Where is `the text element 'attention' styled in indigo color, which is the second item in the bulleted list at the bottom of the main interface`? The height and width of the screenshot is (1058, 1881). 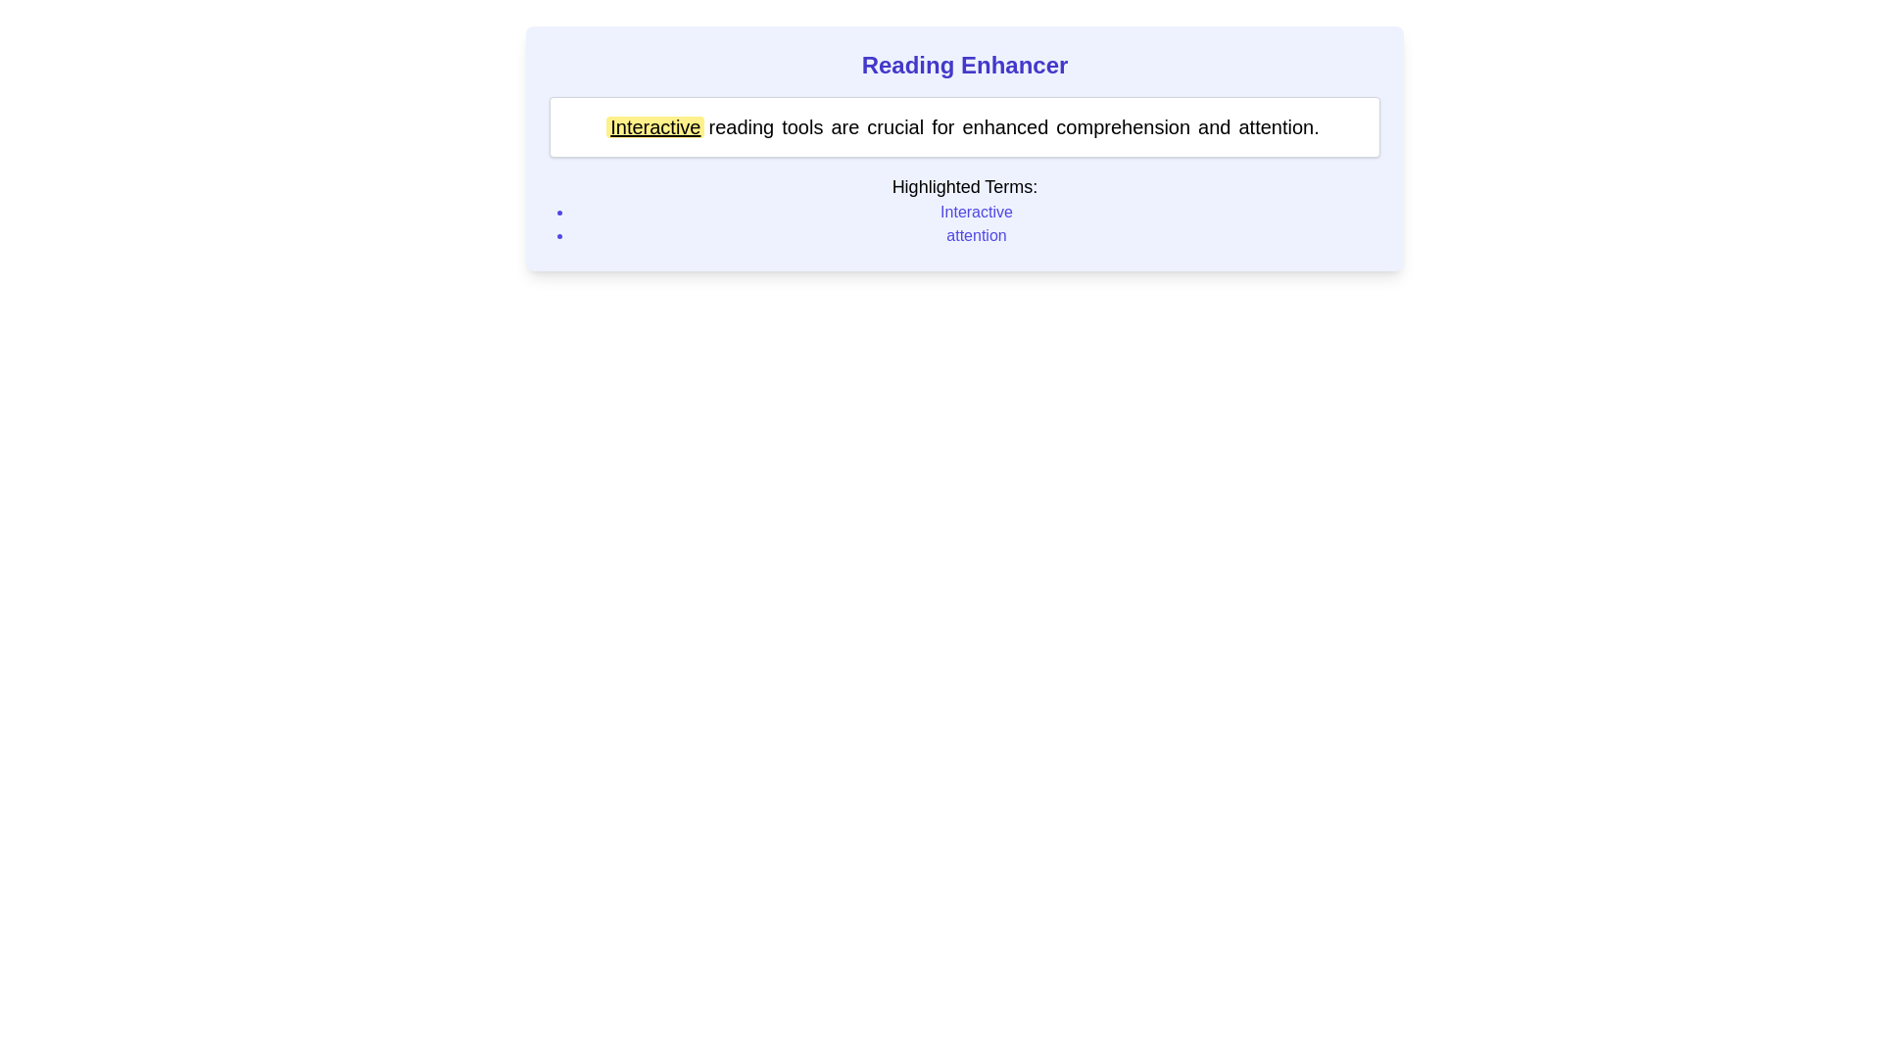 the text element 'attention' styled in indigo color, which is the second item in the bulleted list at the bottom of the main interface is located at coordinates (977, 234).